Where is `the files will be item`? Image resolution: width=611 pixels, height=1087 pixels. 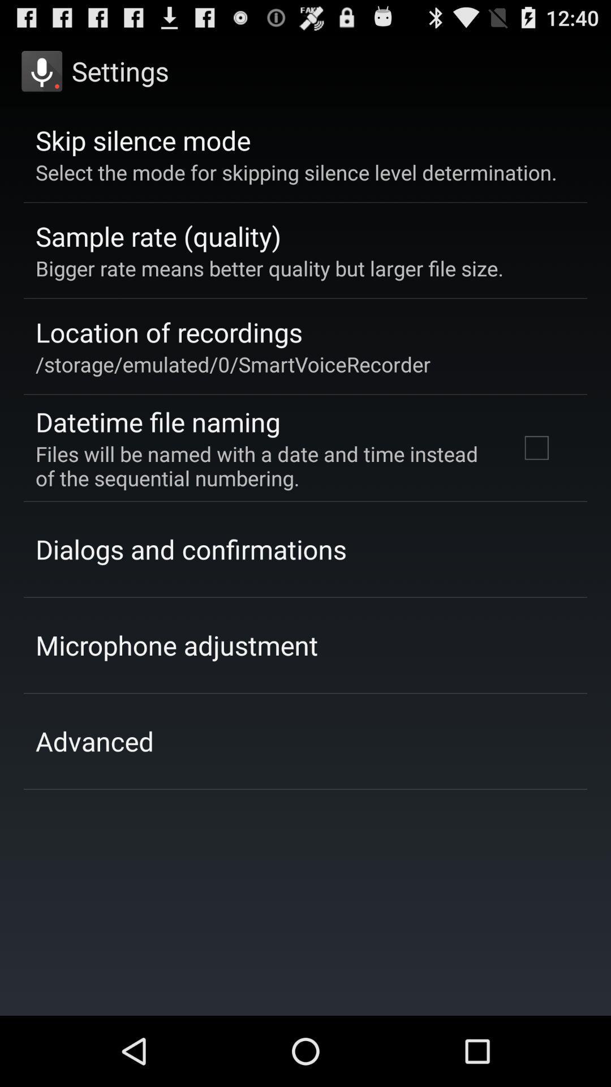 the files will be item is located at coordinates (262, 466).